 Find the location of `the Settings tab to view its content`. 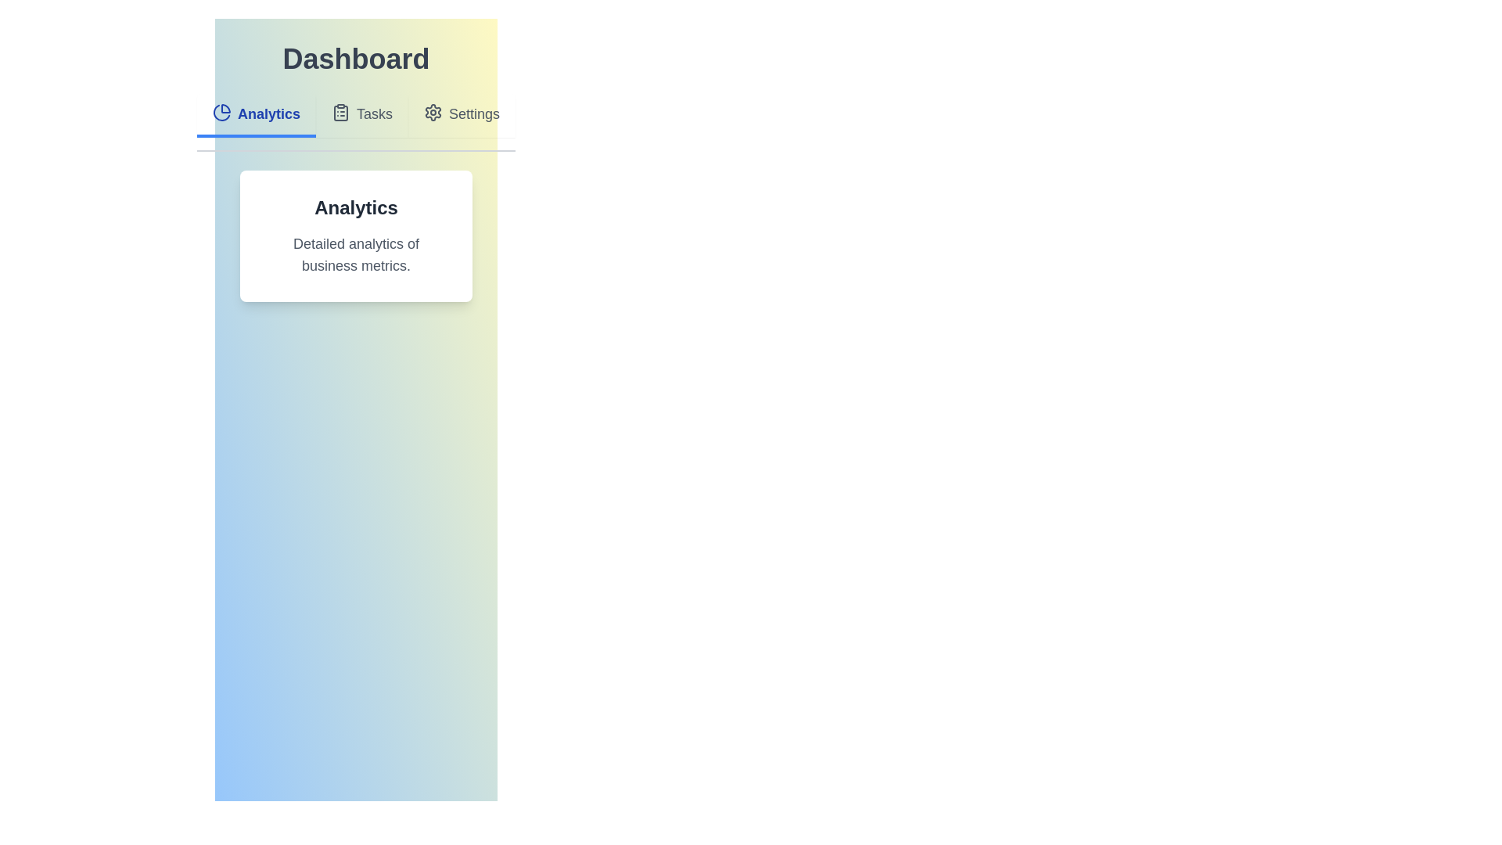

the Settings tab to view its content is located at coordinates (461, 114).